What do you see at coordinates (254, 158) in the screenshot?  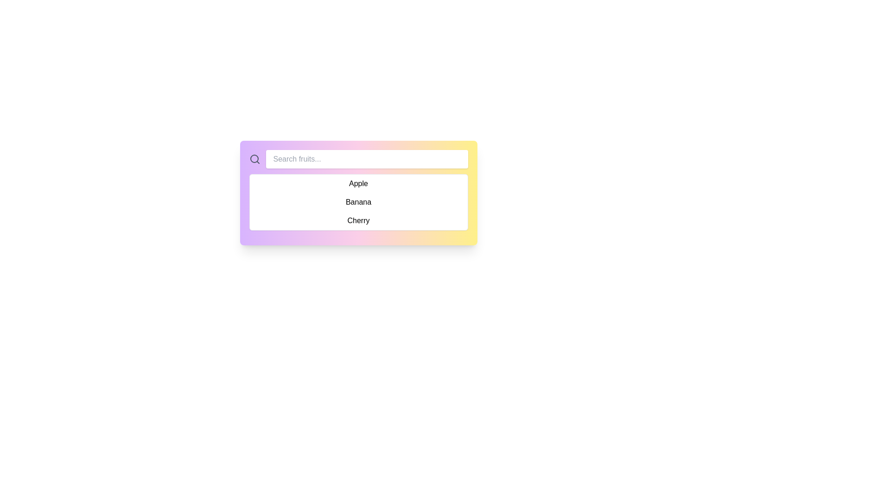 I see `the small circular outline that is part of the search icon, representing the magnifying lens, located near the top-left of the interface next to the input field labeled 'Search fruits...'` at bounding box center [254, 158].